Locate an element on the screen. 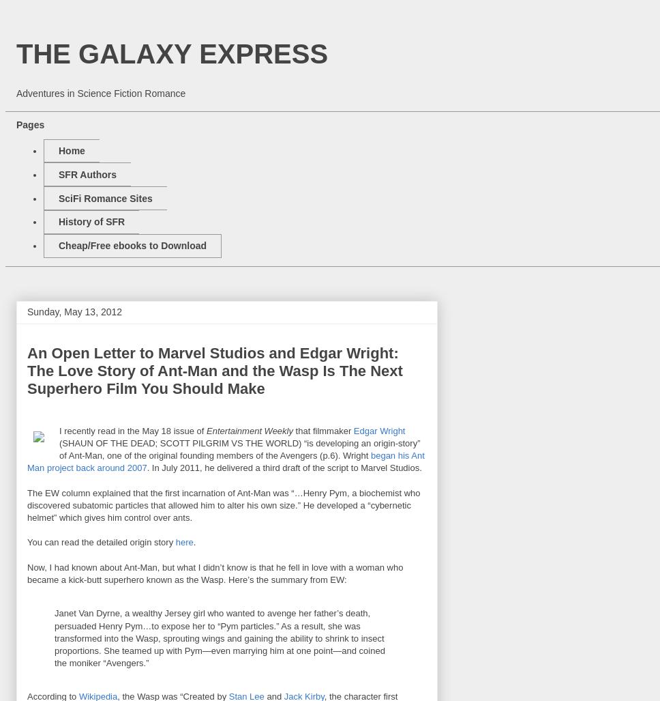 This screenshot has height=701, width=660. 'Janet Van Dyrne, a wealthy Jersey
girl who wanted to avenge her father’s death, persuaded Henry Pym…to expose her
to “Pym particles.” As a result, she was transformed into the Wasp, sprouting
wings and gaining the ability to shrink to insect proportions. She teamed up
with Pym—even marrying him at one point—and coined the moniker “Avengers.”' is located at coordinates (218, 638).